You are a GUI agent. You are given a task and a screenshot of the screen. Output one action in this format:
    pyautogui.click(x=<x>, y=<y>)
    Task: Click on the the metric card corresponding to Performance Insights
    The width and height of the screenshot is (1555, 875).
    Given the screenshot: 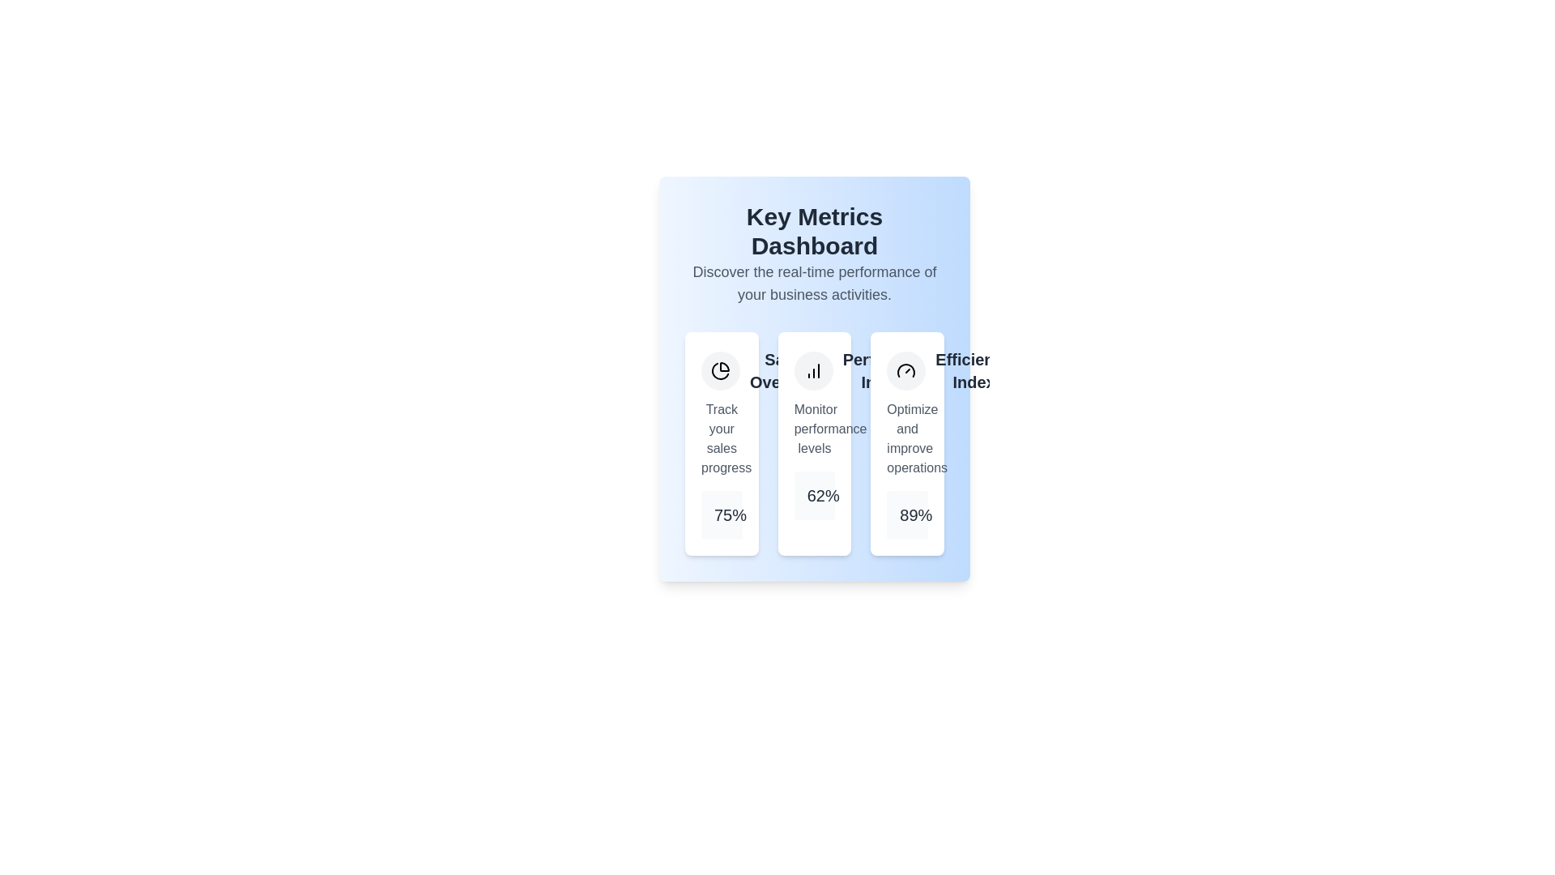 What is the action you would take?
    pyautogui.click(x=815, y=443)
    